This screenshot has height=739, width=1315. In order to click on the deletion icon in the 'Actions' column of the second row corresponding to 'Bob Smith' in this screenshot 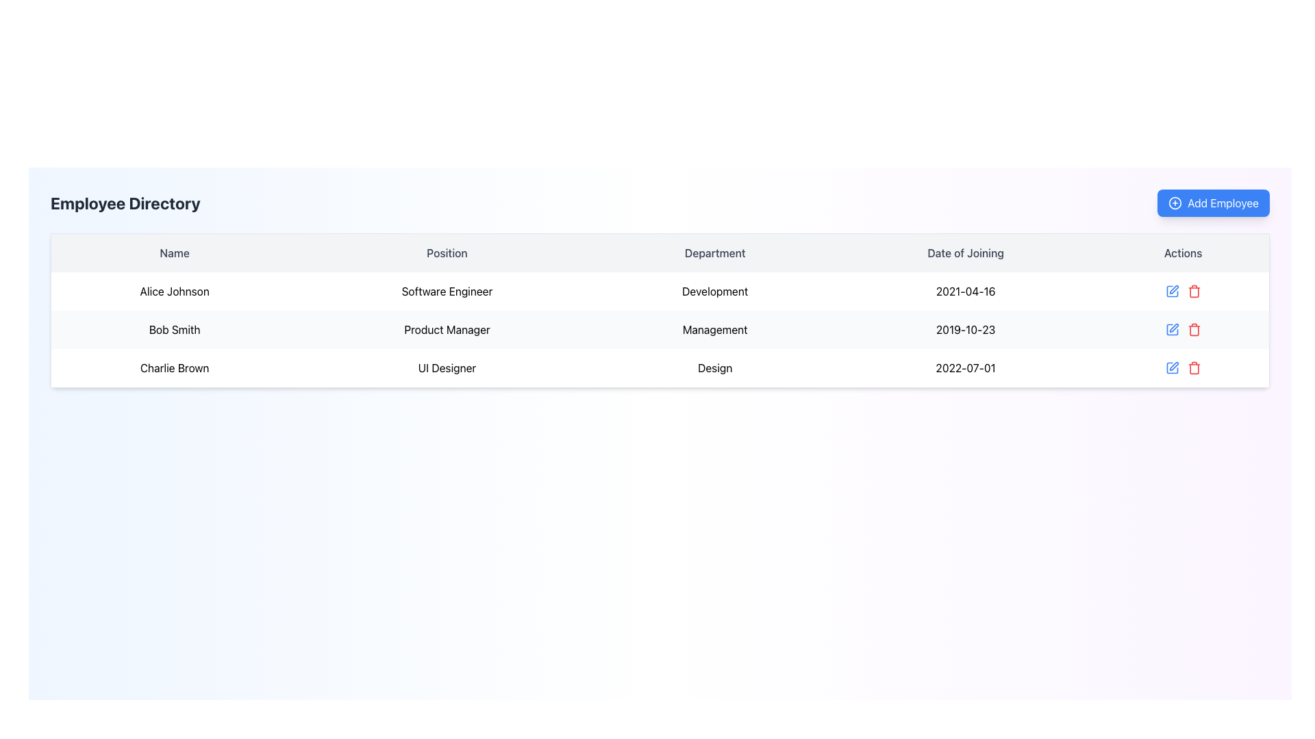, I will do `click(1193, 290)`.